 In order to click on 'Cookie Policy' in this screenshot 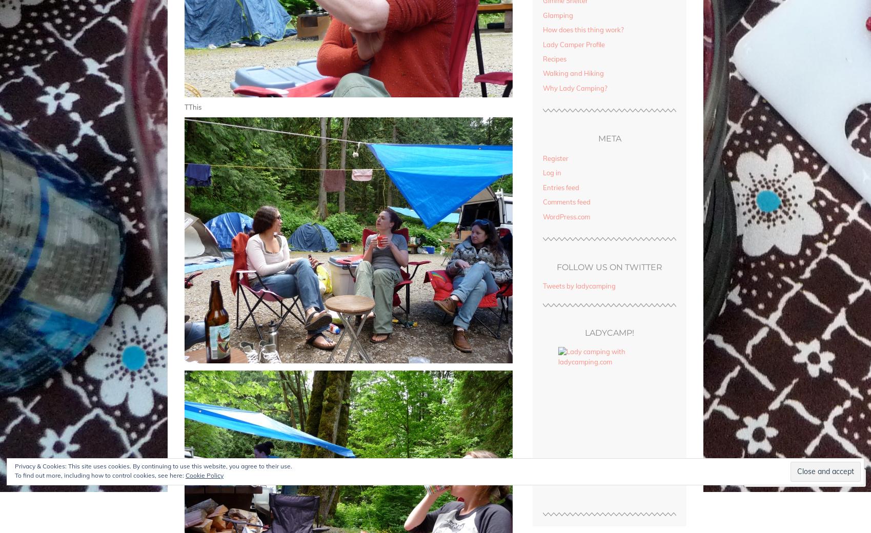, I will do `click(185, 475)`.